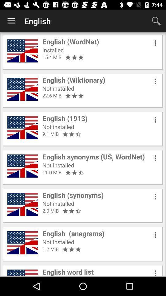 Image resolution: width=166 pixels, height=296 pixels. I want to click on the english word list item, so click(68, 271).